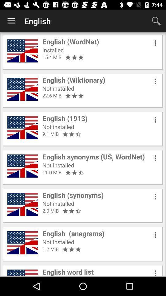 Image resolution: width=166 pixels, height=296 pixels. I want to click on the english word list item, so click(68, 271).